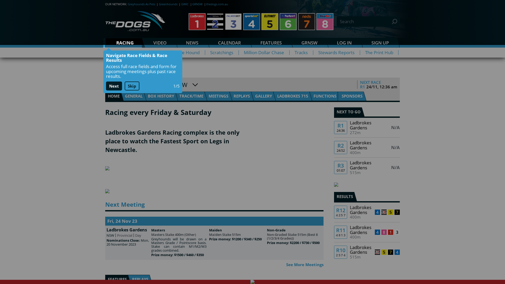  I want to click on 'Scratchings', so click(222, 53).